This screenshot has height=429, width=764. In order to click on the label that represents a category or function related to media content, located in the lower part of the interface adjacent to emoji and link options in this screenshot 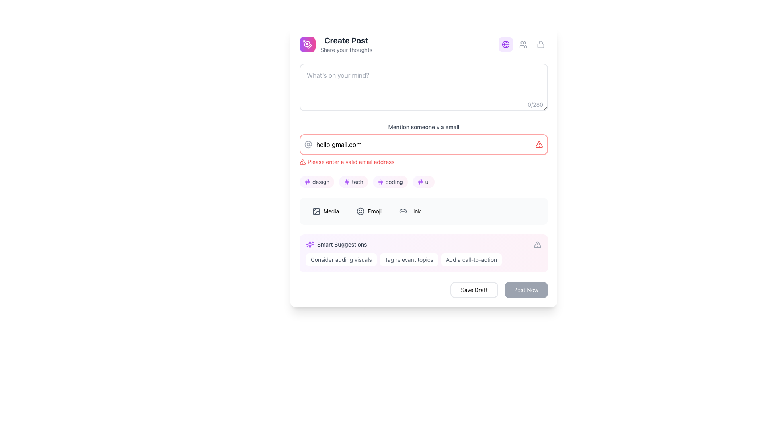, I will do `click(331, 211)`.